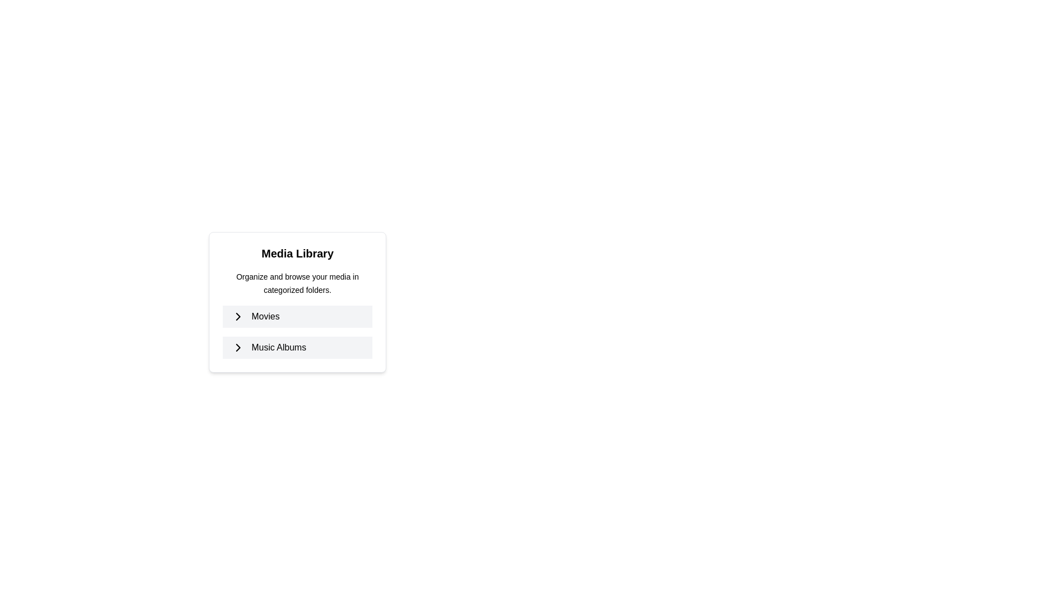 The image size is (1064, 598). What do you see at coordinates (238, 347) in the screenshot?
I see `the icon in the second row of the 'Music Albums' list` at bounding box center [238, 347].